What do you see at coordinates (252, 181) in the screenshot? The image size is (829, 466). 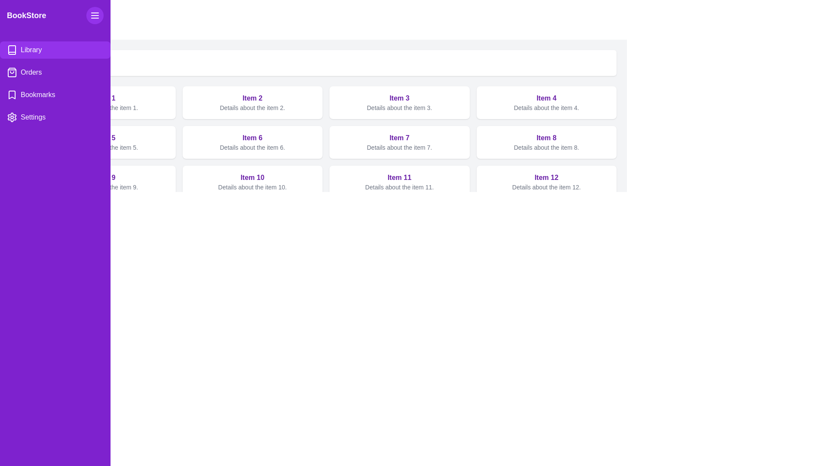 I see `the Informational Card located in the last row and second column of the grid layout, which displays information about an item` at bounding box center [252, 181].